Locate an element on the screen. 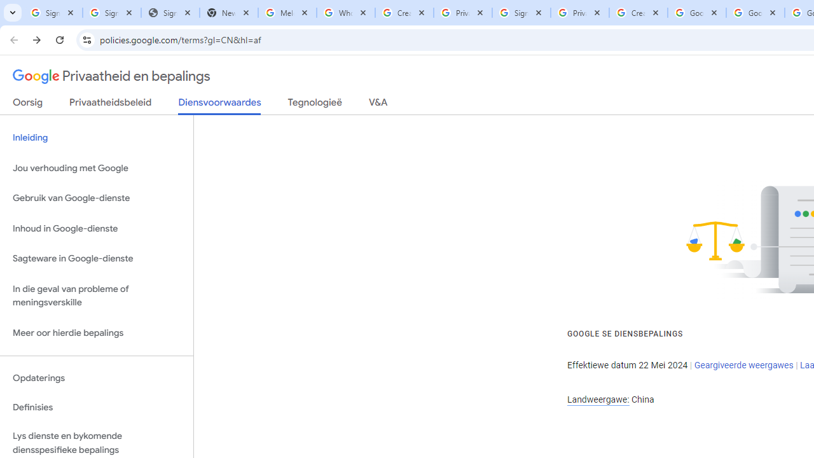  'Meer oor hierdie bepalings' is located at coordinates (96, 332).